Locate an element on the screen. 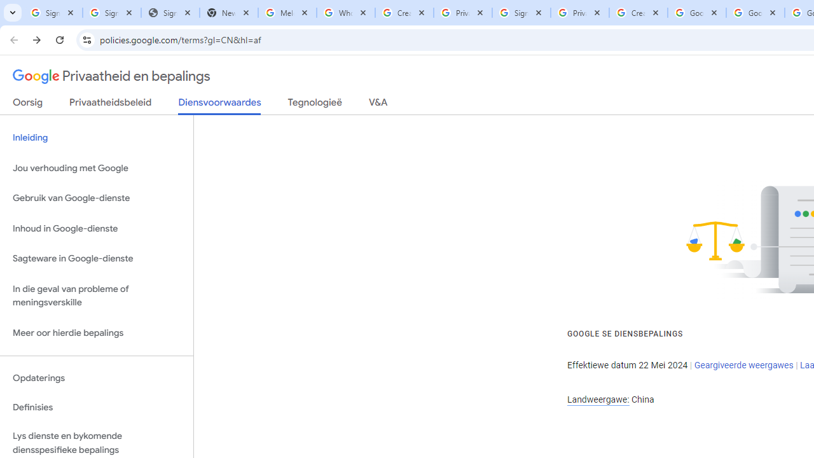  'Meer oor hierdie bepalings' is located at coordinates (96, 332).